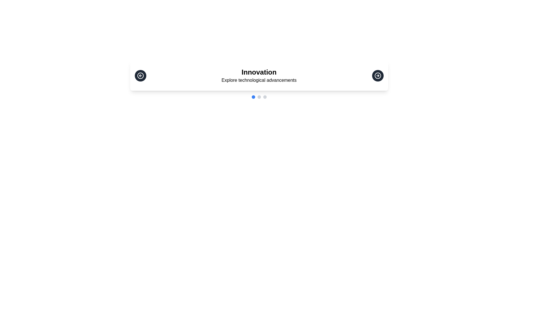  I want to click on the circular graphical element within the SVG that serves a navigational or decorative purpose, located on the far left side of the card layout, so click(140, 75).